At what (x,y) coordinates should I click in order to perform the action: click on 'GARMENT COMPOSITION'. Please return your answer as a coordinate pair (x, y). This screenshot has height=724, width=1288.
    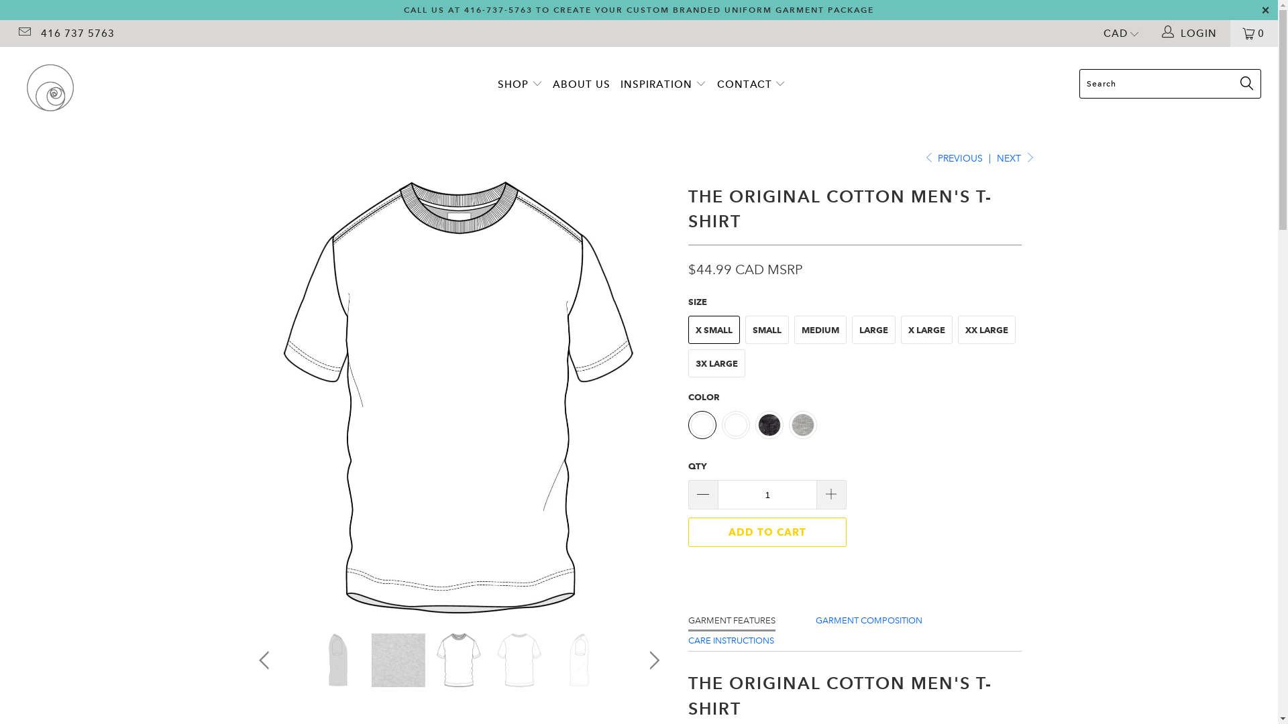
    Looking at the image, I should click on (869, 620).